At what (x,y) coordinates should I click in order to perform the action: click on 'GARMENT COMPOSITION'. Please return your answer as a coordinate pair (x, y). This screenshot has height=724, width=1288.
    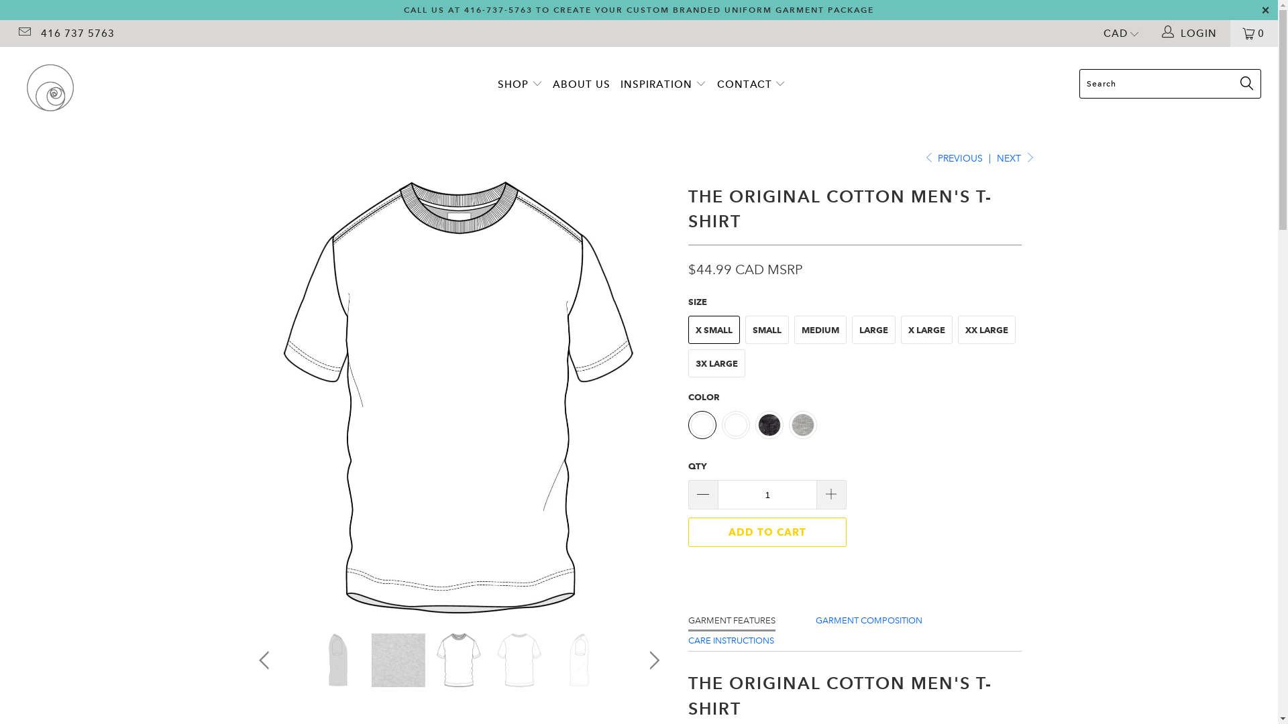
    Looking at the image, I should click on (869, 620).